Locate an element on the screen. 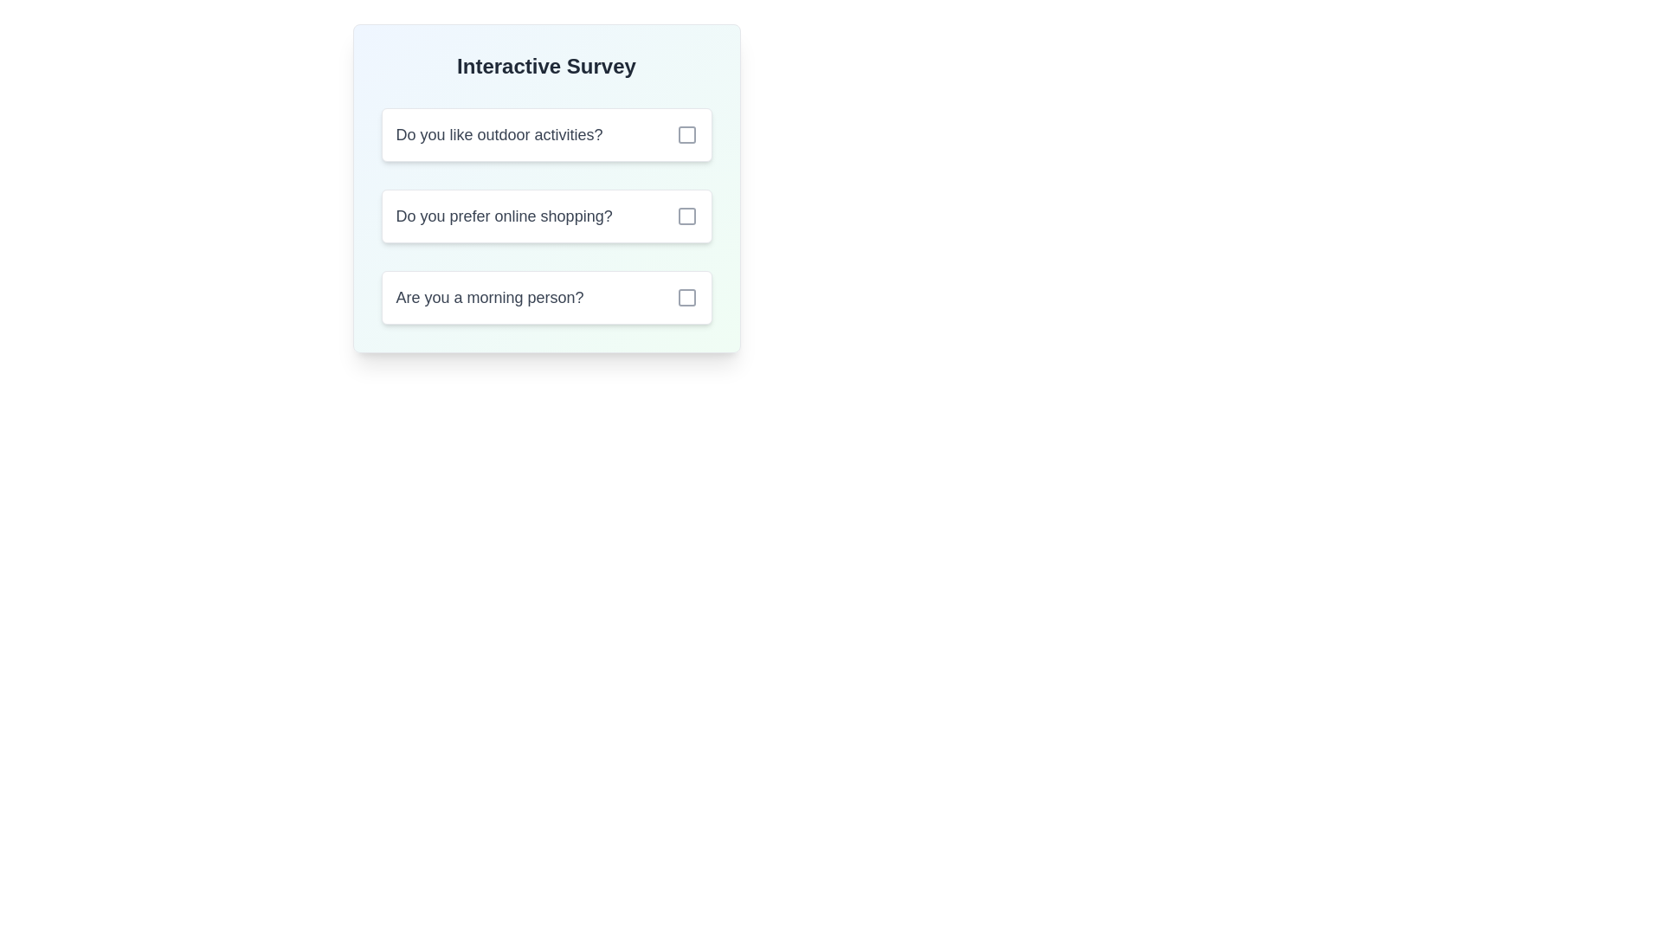 Image resolution: width=1662 pixels, height=935 pixels. the checkbox located to the right of the question 'Are you a morning person?' in the survey card, which is the third checkbox in a vertical list of questions is located at coordinates (686, 296).